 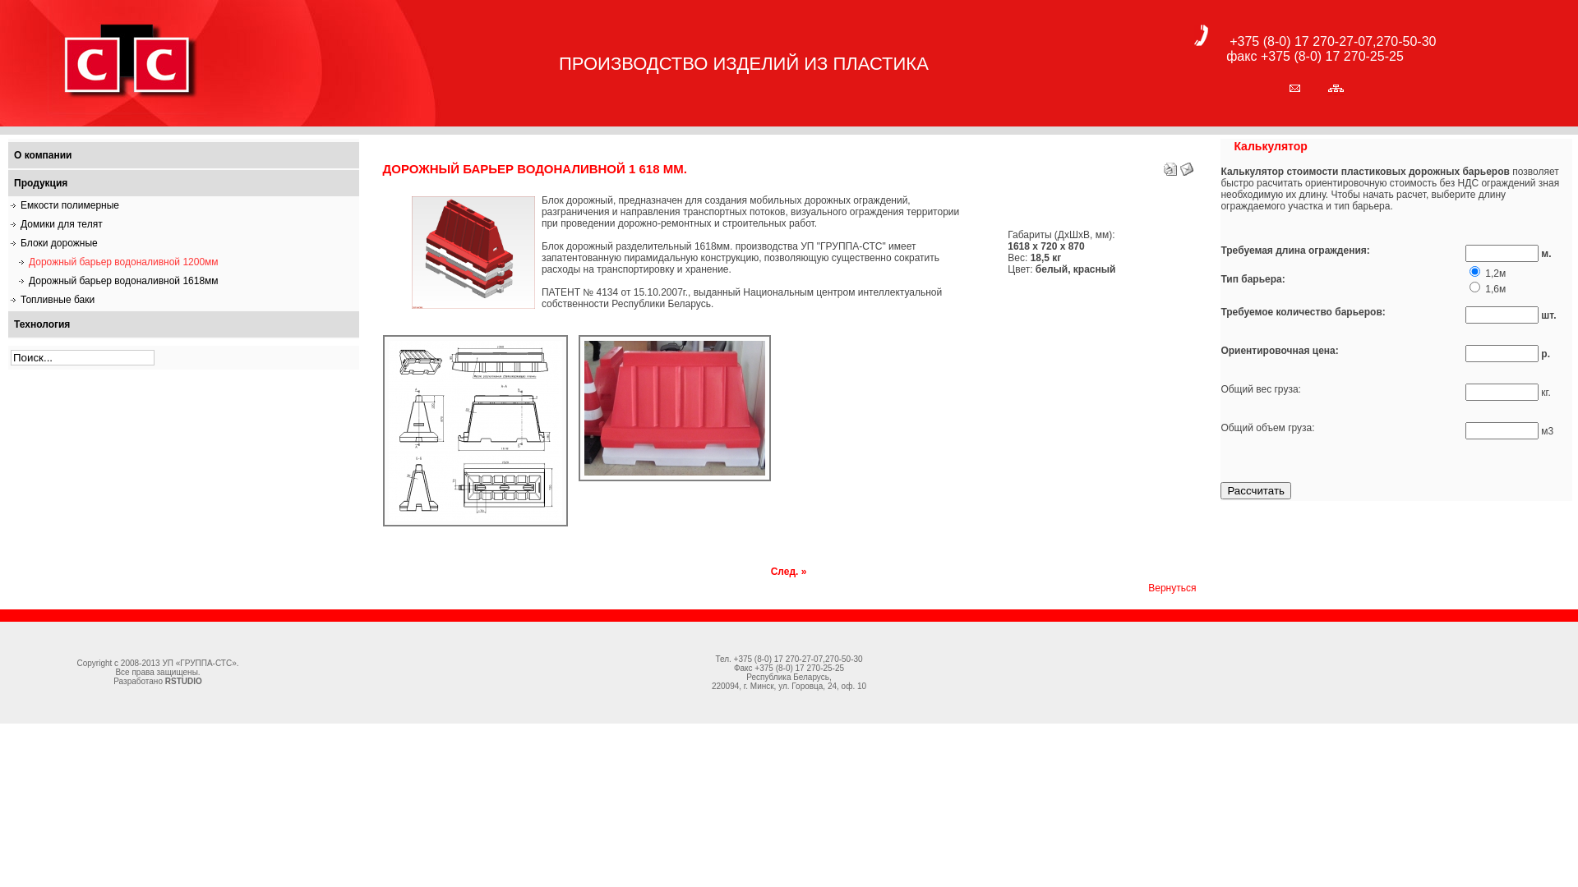 I want to click on 'RSTUDIO', so click(x=183, y=681).